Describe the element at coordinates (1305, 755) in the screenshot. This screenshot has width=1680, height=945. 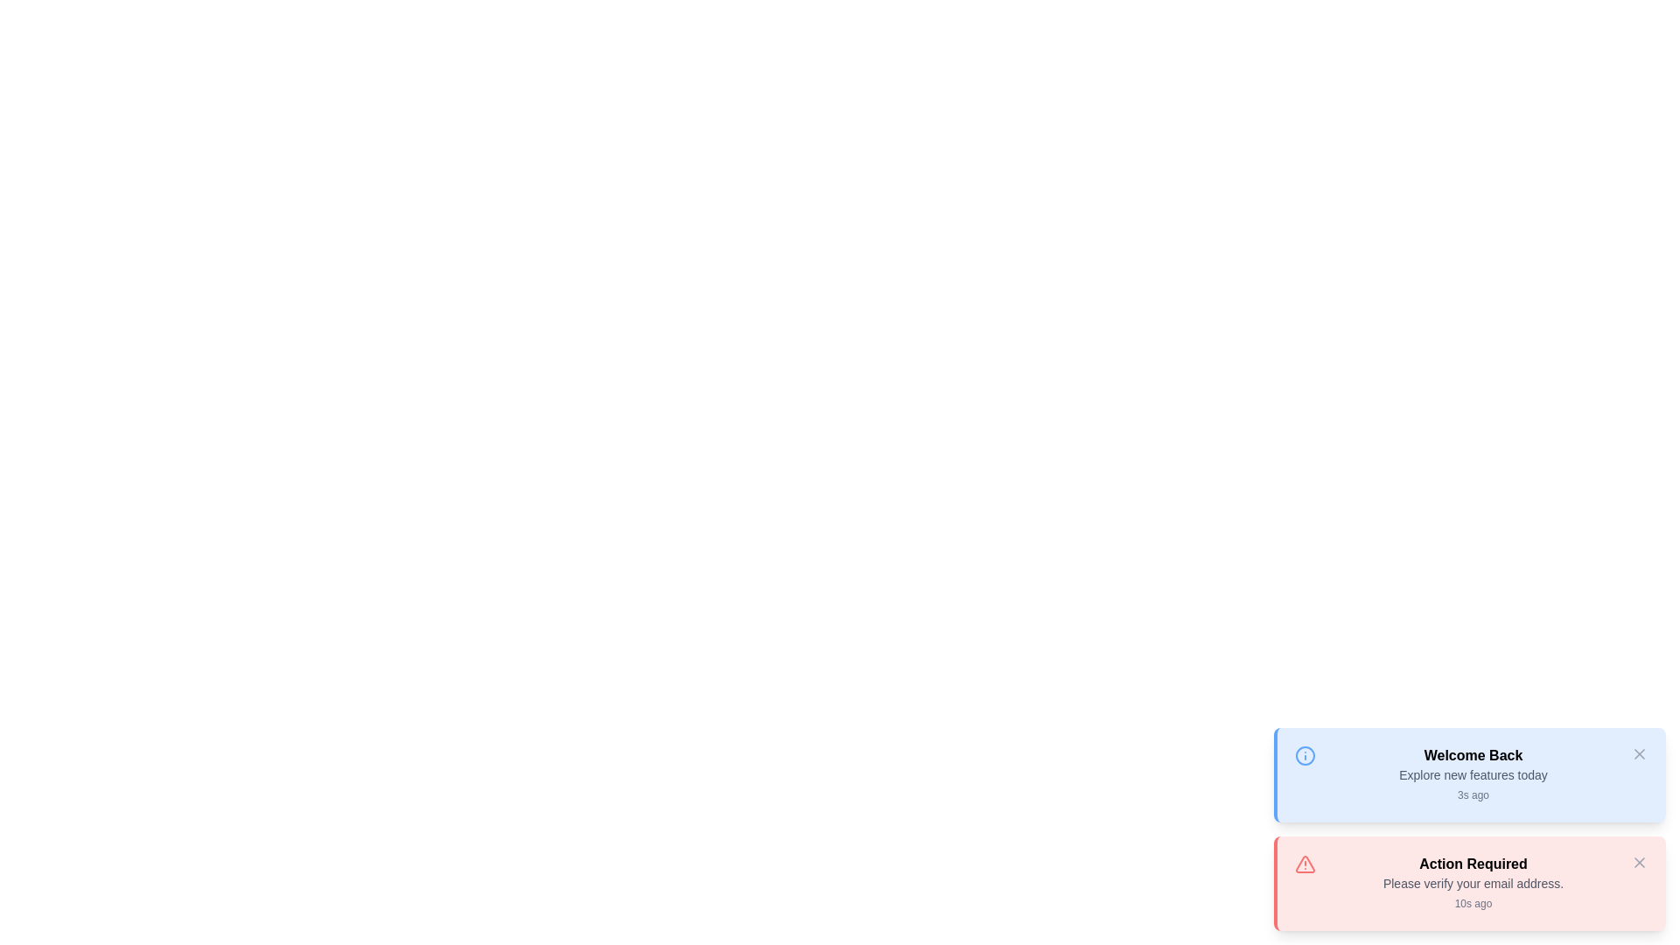
I see `the icon representing the message type for the 'Welcome Back' message` at that location.